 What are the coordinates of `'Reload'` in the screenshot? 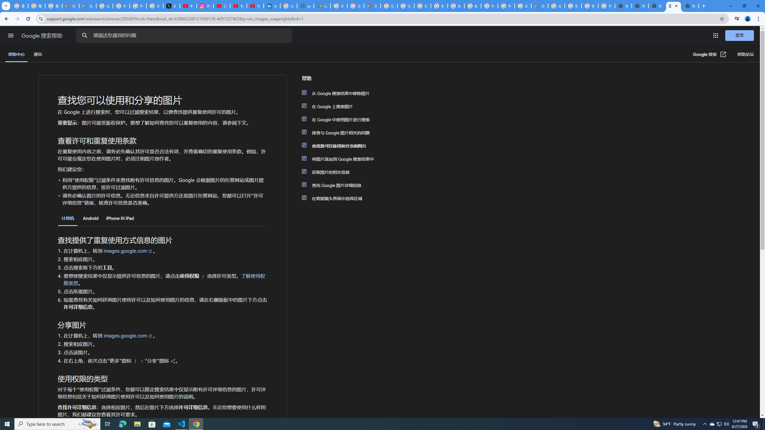 It's located at (28, 19).